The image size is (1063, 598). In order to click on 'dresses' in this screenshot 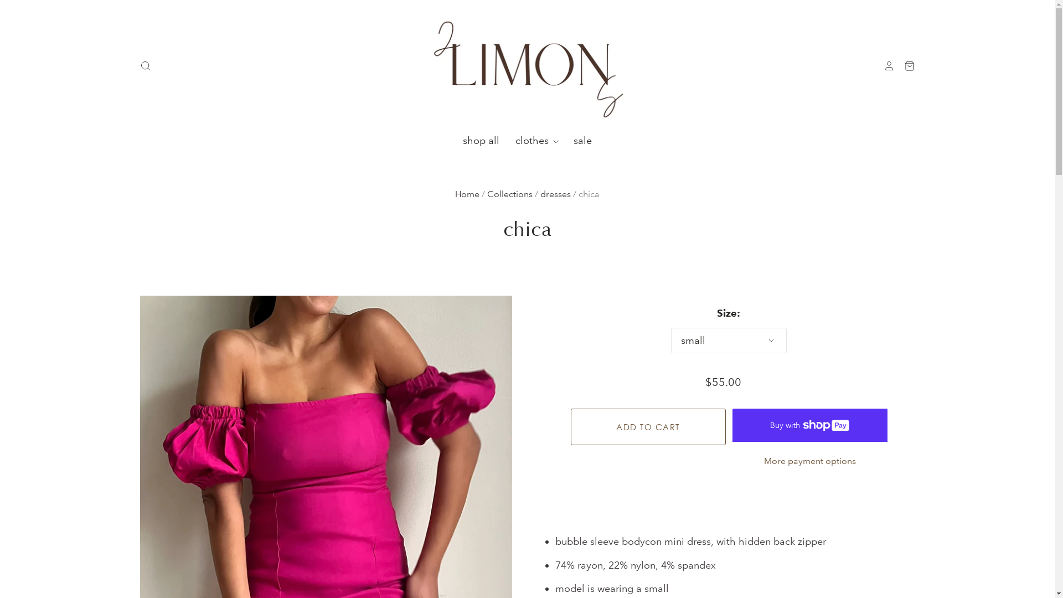, I will do `click(555, 193)`.